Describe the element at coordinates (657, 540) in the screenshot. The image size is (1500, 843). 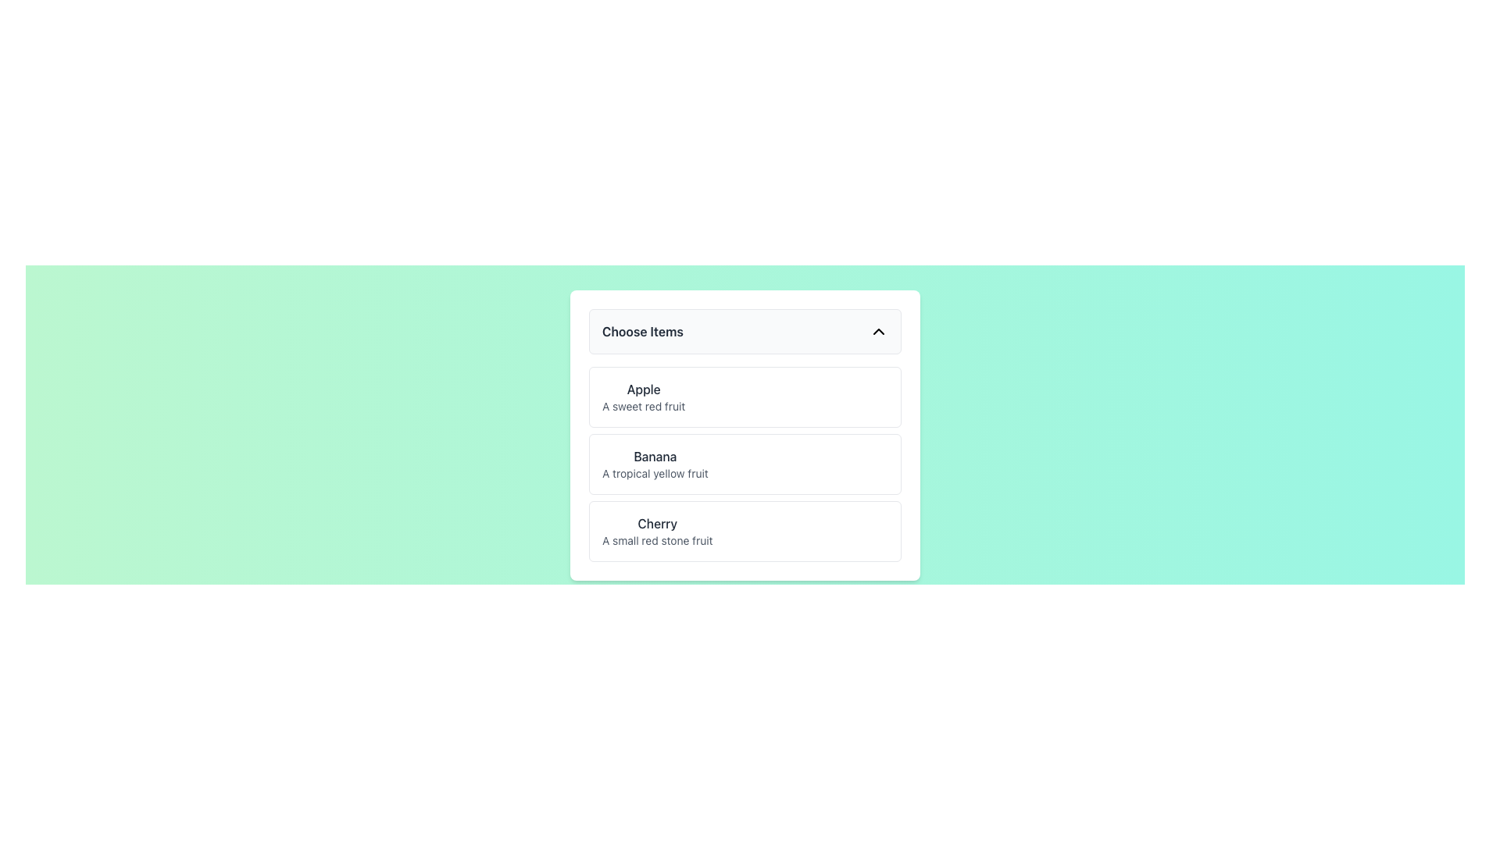
I see `the descriptive text label 'A small red stone fruit' located directly below the 'Cherry' title in the selection panel` at that location.